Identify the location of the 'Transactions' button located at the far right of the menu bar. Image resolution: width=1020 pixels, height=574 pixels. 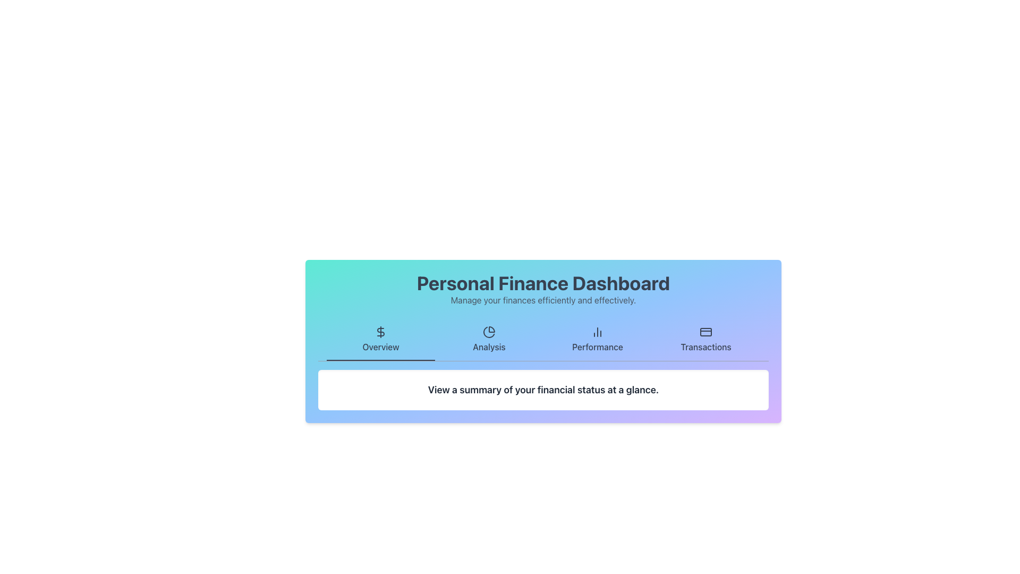
(706, 340).